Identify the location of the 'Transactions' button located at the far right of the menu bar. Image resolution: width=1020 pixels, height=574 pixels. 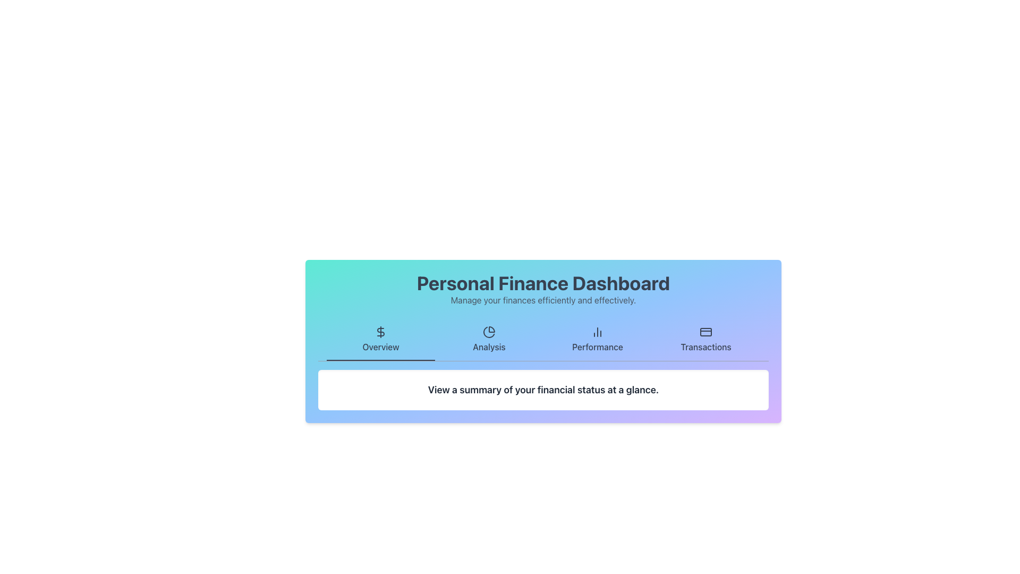
(706, 340).